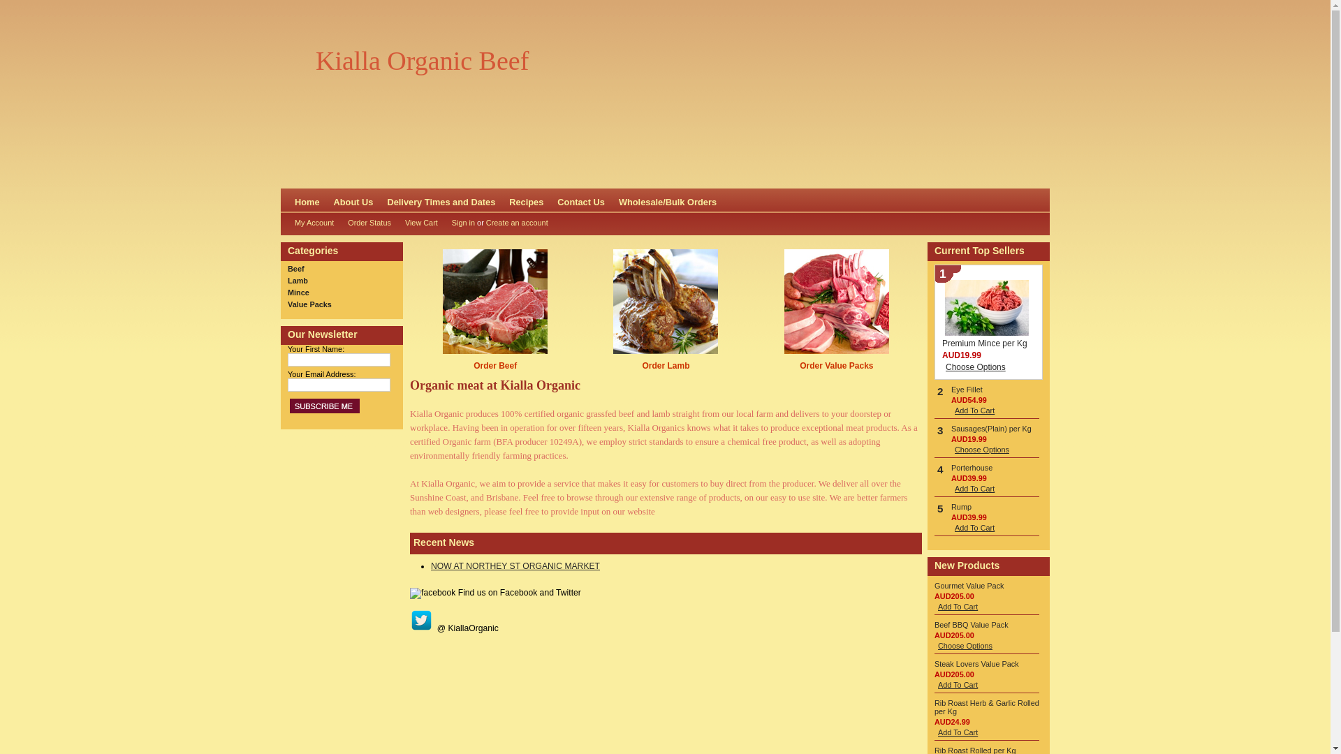 The height and width of the screenshot is (754, 1341). What do you see at coordinates (417, 222) in the screenshot?
I see `'View Cart'` at bounding box center [417, 222].